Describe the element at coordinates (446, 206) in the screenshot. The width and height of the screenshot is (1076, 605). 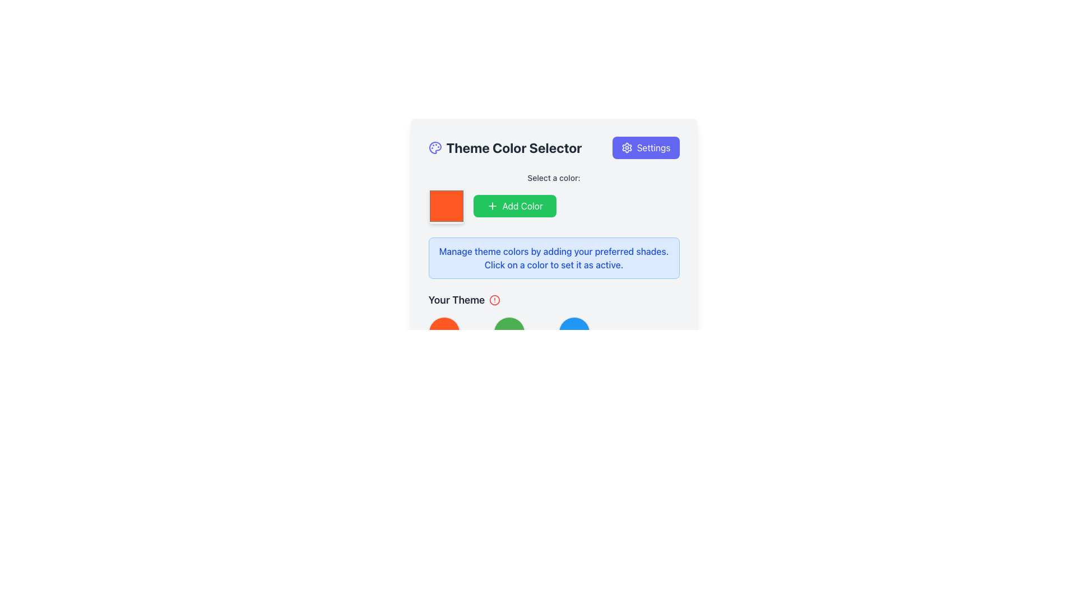
I see `the Color picker located in the 'Theme Color Selector' section` at that location.